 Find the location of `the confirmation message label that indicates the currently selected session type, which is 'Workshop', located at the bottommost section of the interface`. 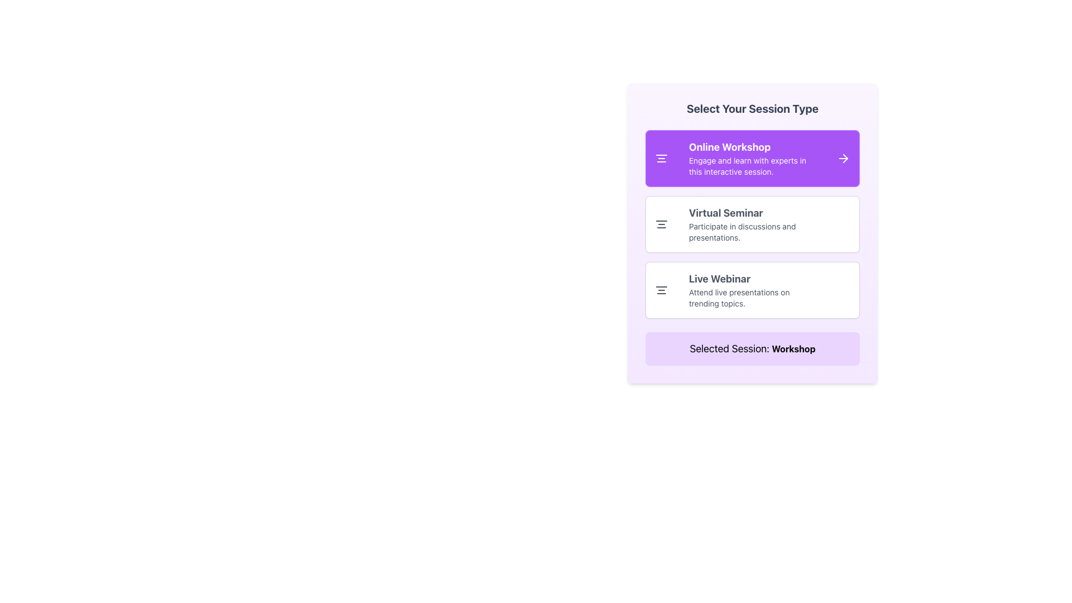

the confirmation message label that indicates the currently selected session type, which is 'Workshop', located at the bottommost section of the interface is located at coordinates (753, 348).